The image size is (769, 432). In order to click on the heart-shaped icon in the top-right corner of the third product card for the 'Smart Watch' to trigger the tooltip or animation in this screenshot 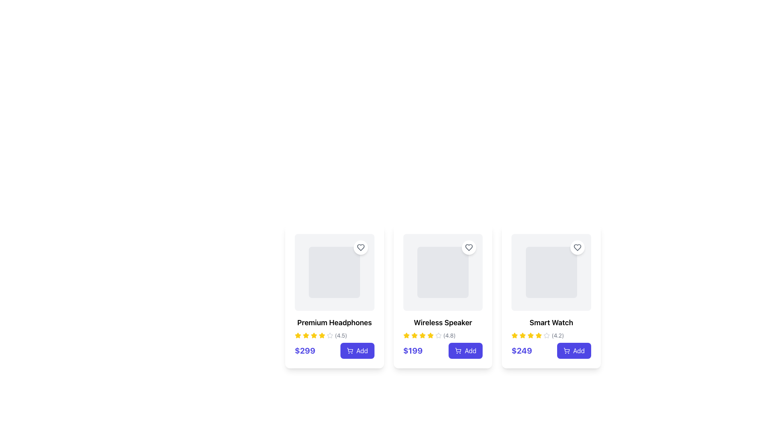, I will do `click(577, 247)`.